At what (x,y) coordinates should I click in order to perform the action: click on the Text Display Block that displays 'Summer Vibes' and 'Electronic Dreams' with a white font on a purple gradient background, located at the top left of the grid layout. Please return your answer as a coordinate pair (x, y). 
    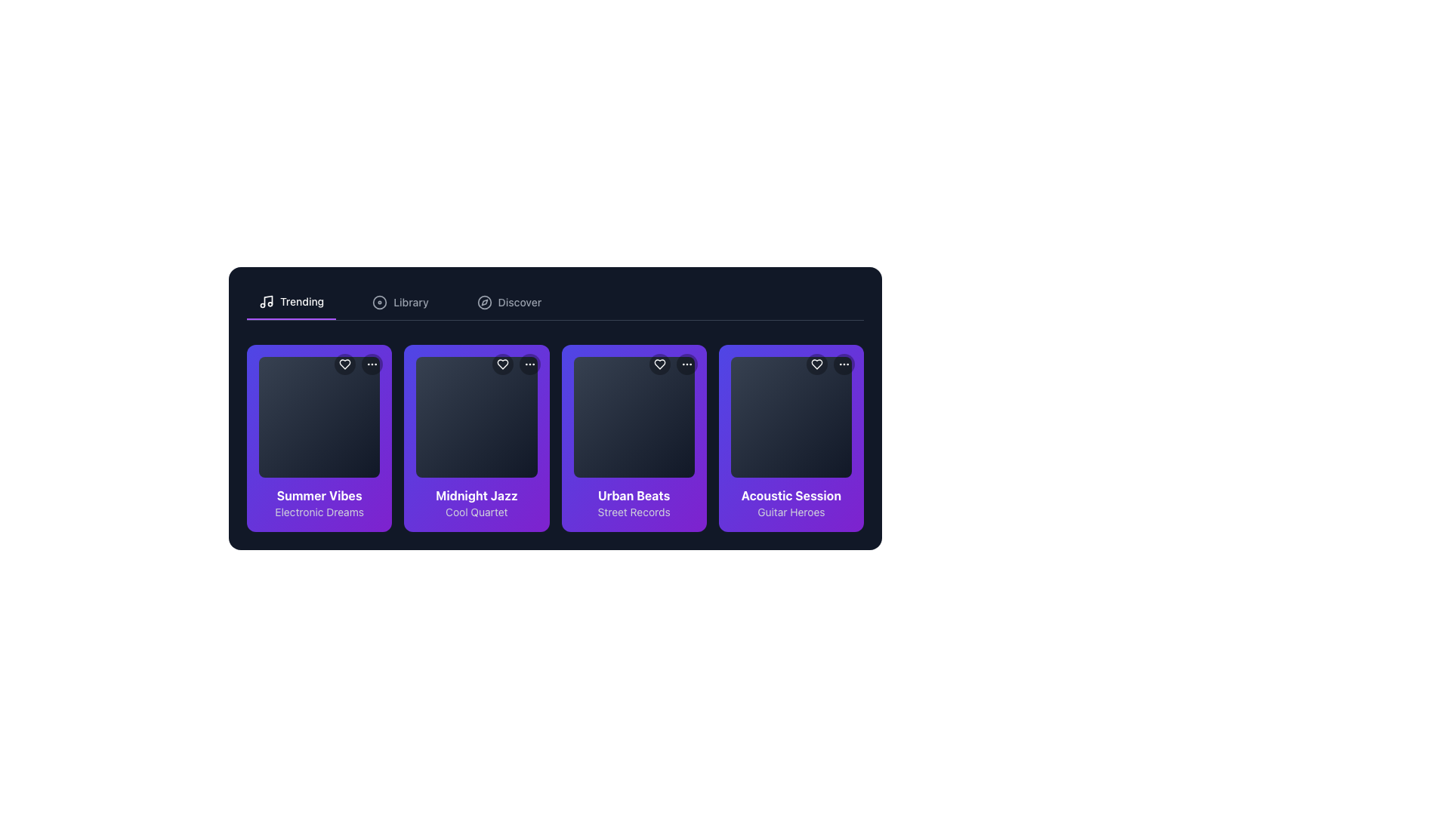
    Looking at the image, I should click on (319, 503).